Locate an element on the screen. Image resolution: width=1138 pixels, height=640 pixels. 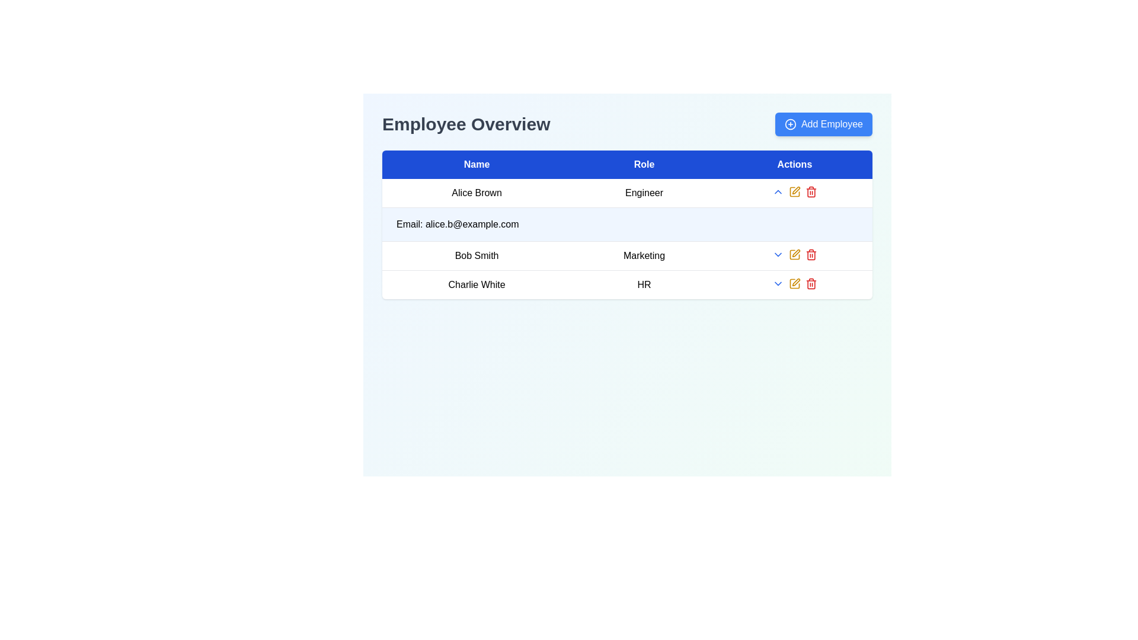
the red trash bin icon in the 'Actions' column is located at coordinates (810, 191).